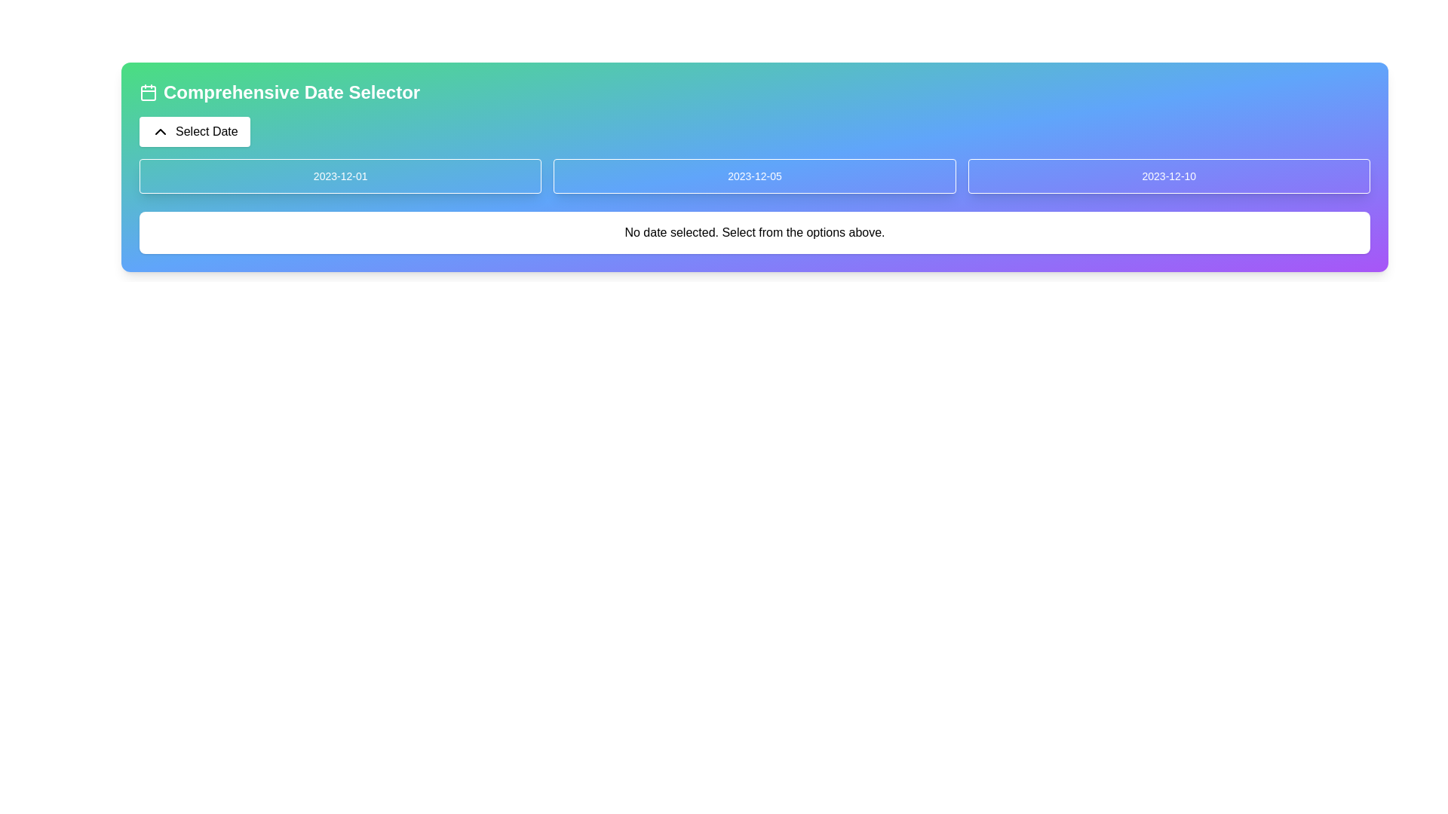  I want to click on the button with the white text '2023-12-10' which is located on the rightmost side of a row of three buttons in a gradient blue-to-purple background, so click(1168, 176).